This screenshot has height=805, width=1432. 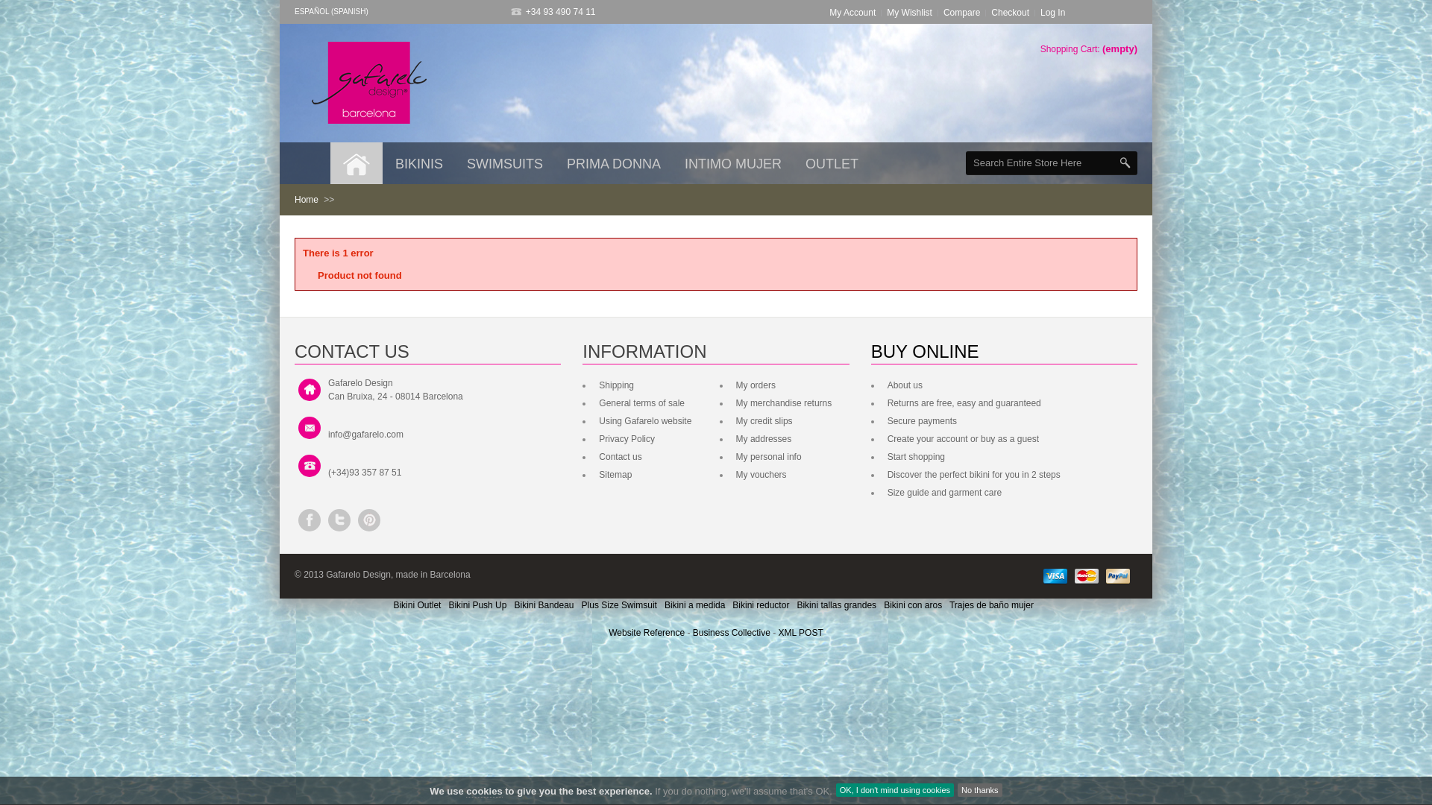 I want to click on 'Home', so click(x=306, y=198).